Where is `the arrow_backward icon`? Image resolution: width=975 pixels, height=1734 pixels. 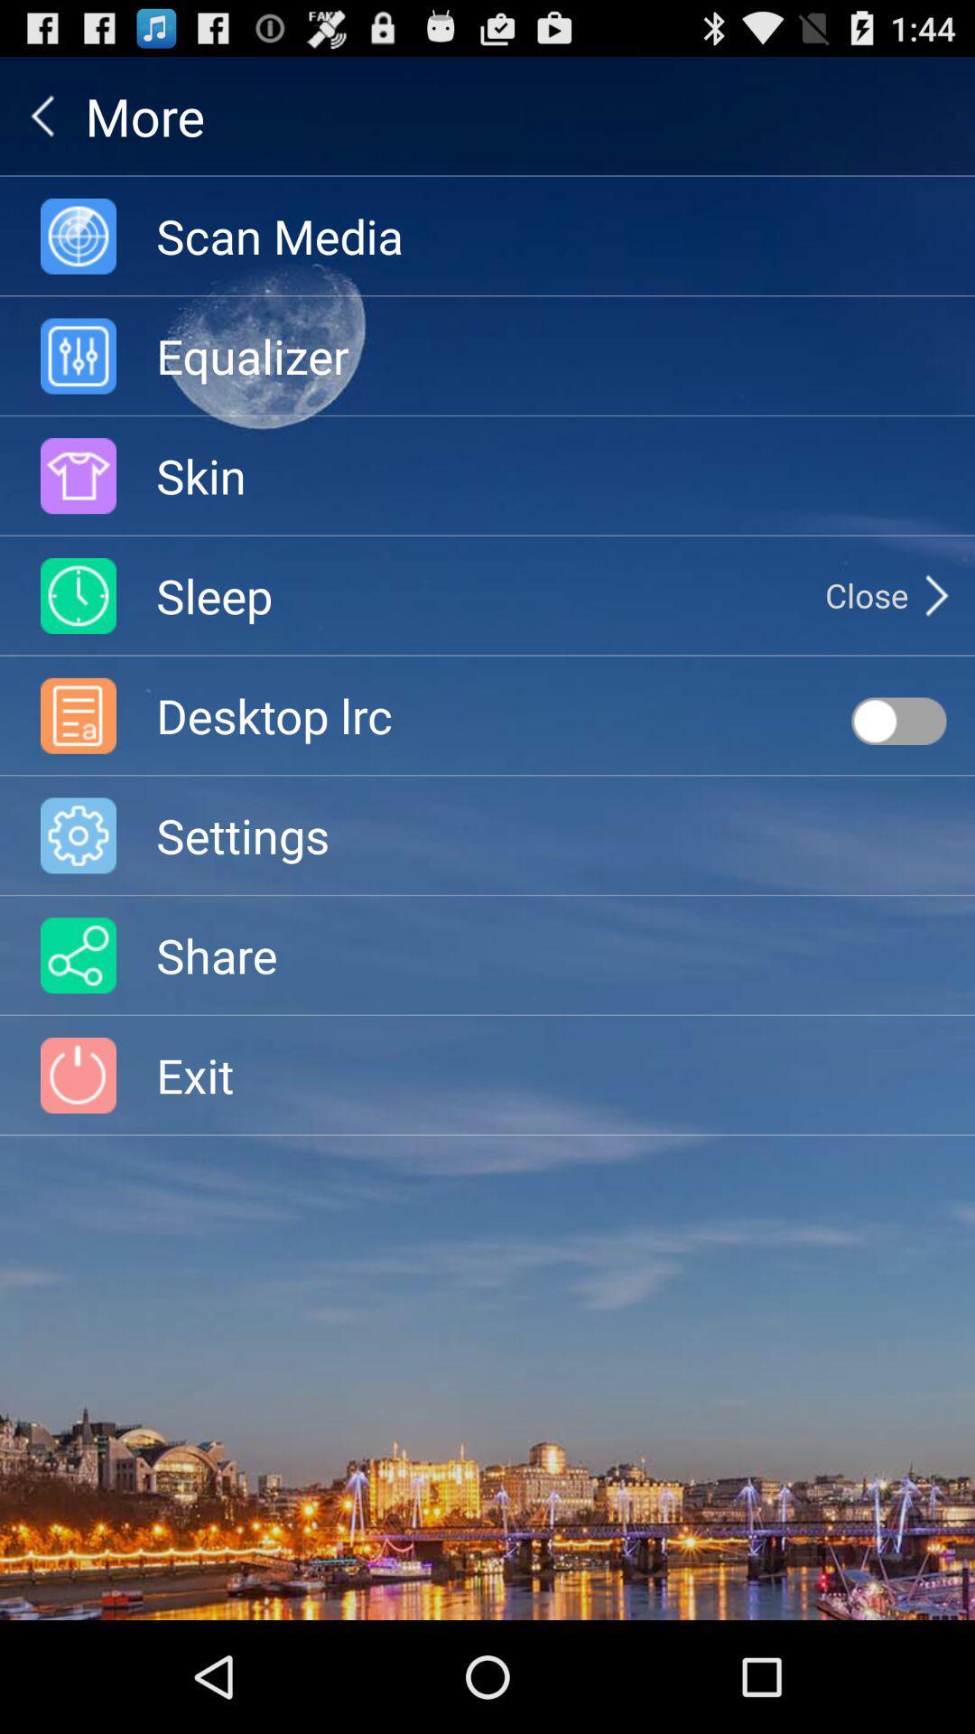 the arrow_backward icon is located at coordinates (42, 123).